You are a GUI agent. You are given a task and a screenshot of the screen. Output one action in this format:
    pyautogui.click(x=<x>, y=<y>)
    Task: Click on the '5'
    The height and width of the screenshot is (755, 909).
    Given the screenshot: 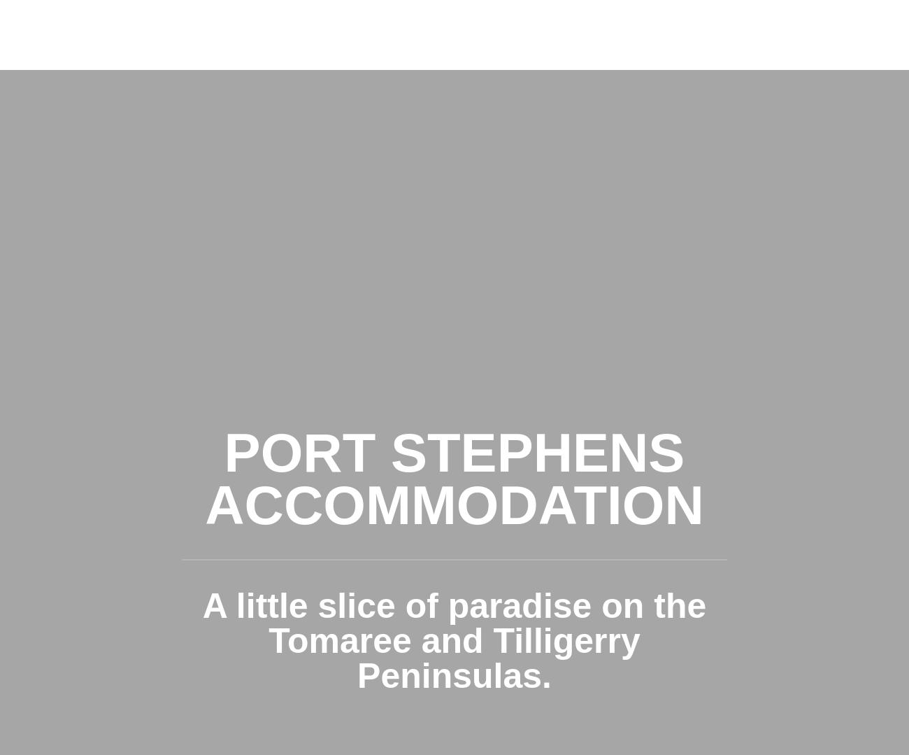 What is the action you would take?
    pyautogui.click(x=124, y=180)
    